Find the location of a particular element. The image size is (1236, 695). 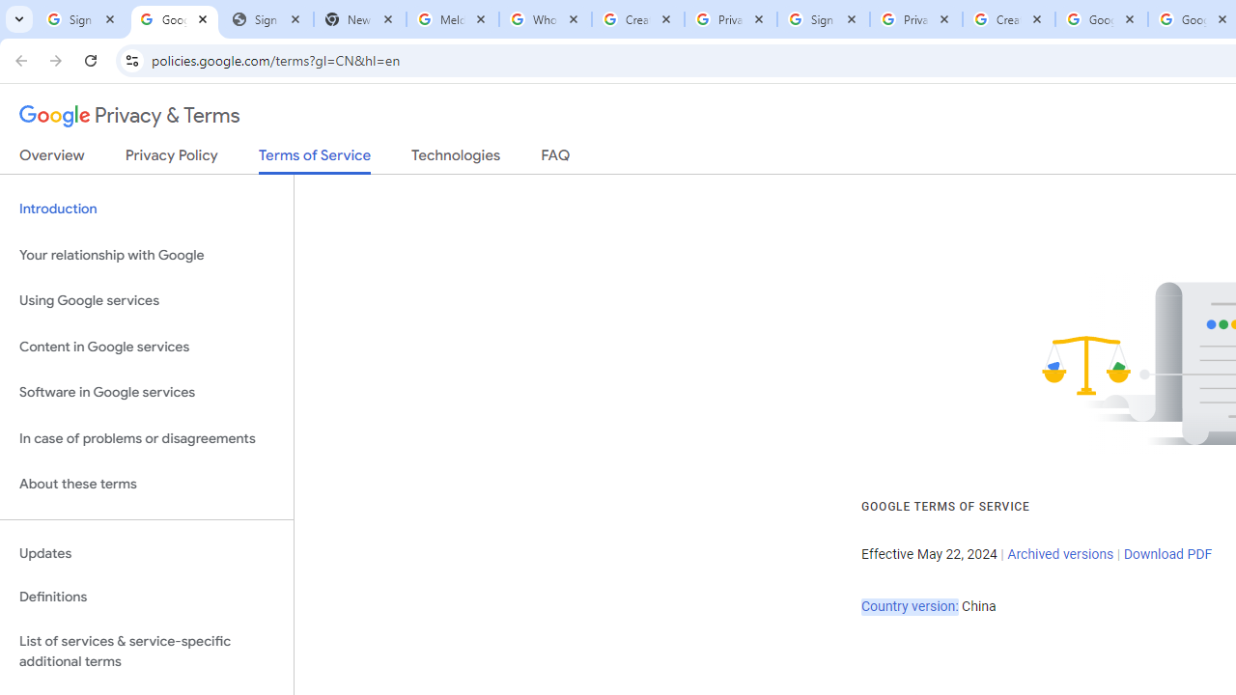

'List of services & service-specific additional terms' is located at coordinates (146, 652).